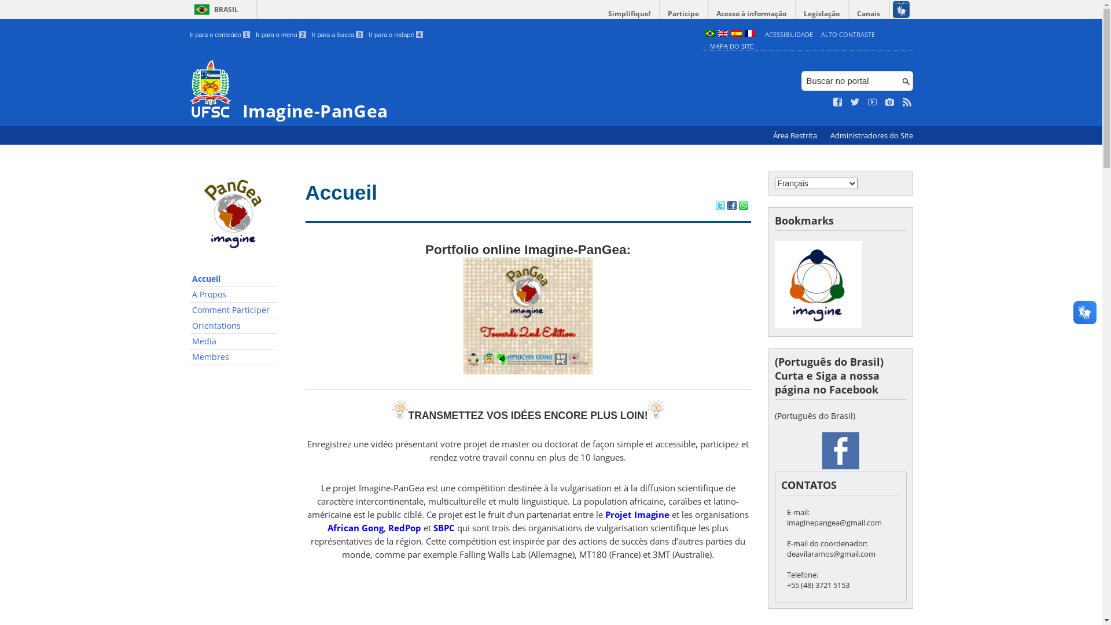 The width and height of the screenshot is (1111, 625). Describe the element at coordinates (869, 13) in the screenshot. I see `'Canais'` at that location.